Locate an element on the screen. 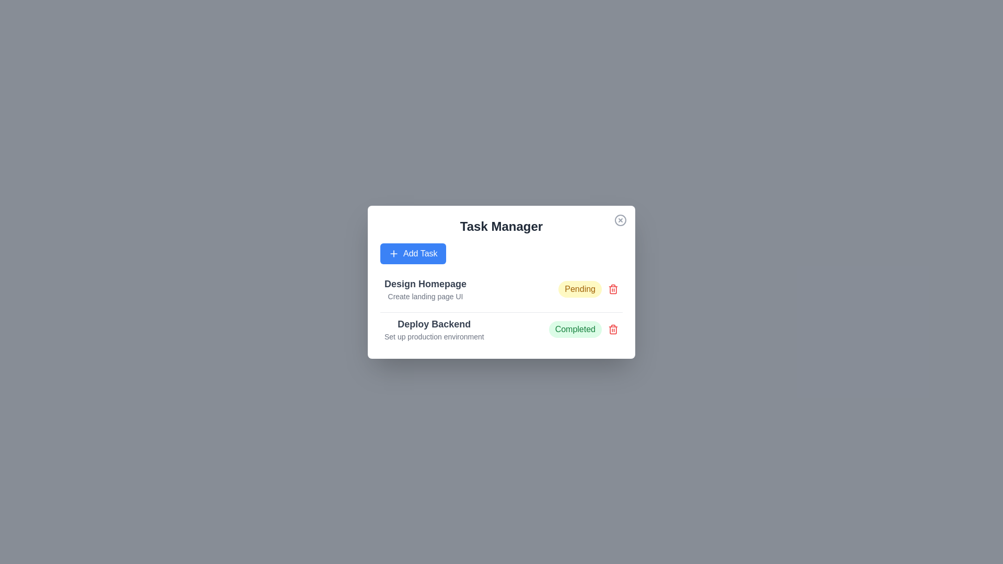  the trash can icon for the delete action located at the bottom right of the 'Deploy Backend' task row is located at coordinates (613, 330).